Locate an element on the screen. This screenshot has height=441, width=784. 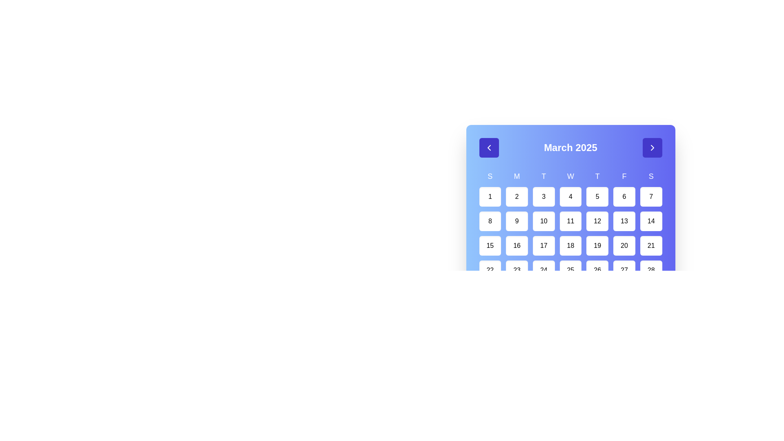
the interactive date selector button located in the fourth row and fifth column of the calendar grid under the 'F' weekday label is located at coordinates (597, 270).